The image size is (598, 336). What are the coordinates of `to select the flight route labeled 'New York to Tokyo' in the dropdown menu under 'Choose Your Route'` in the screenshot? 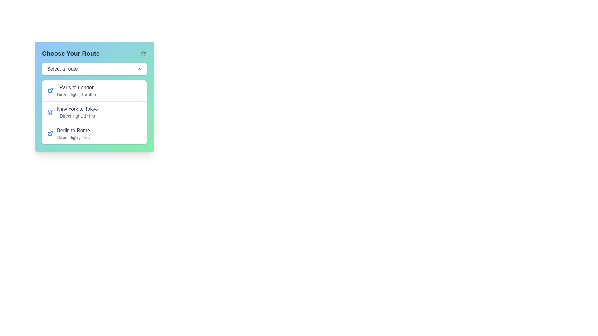 It's located at (77, 112).